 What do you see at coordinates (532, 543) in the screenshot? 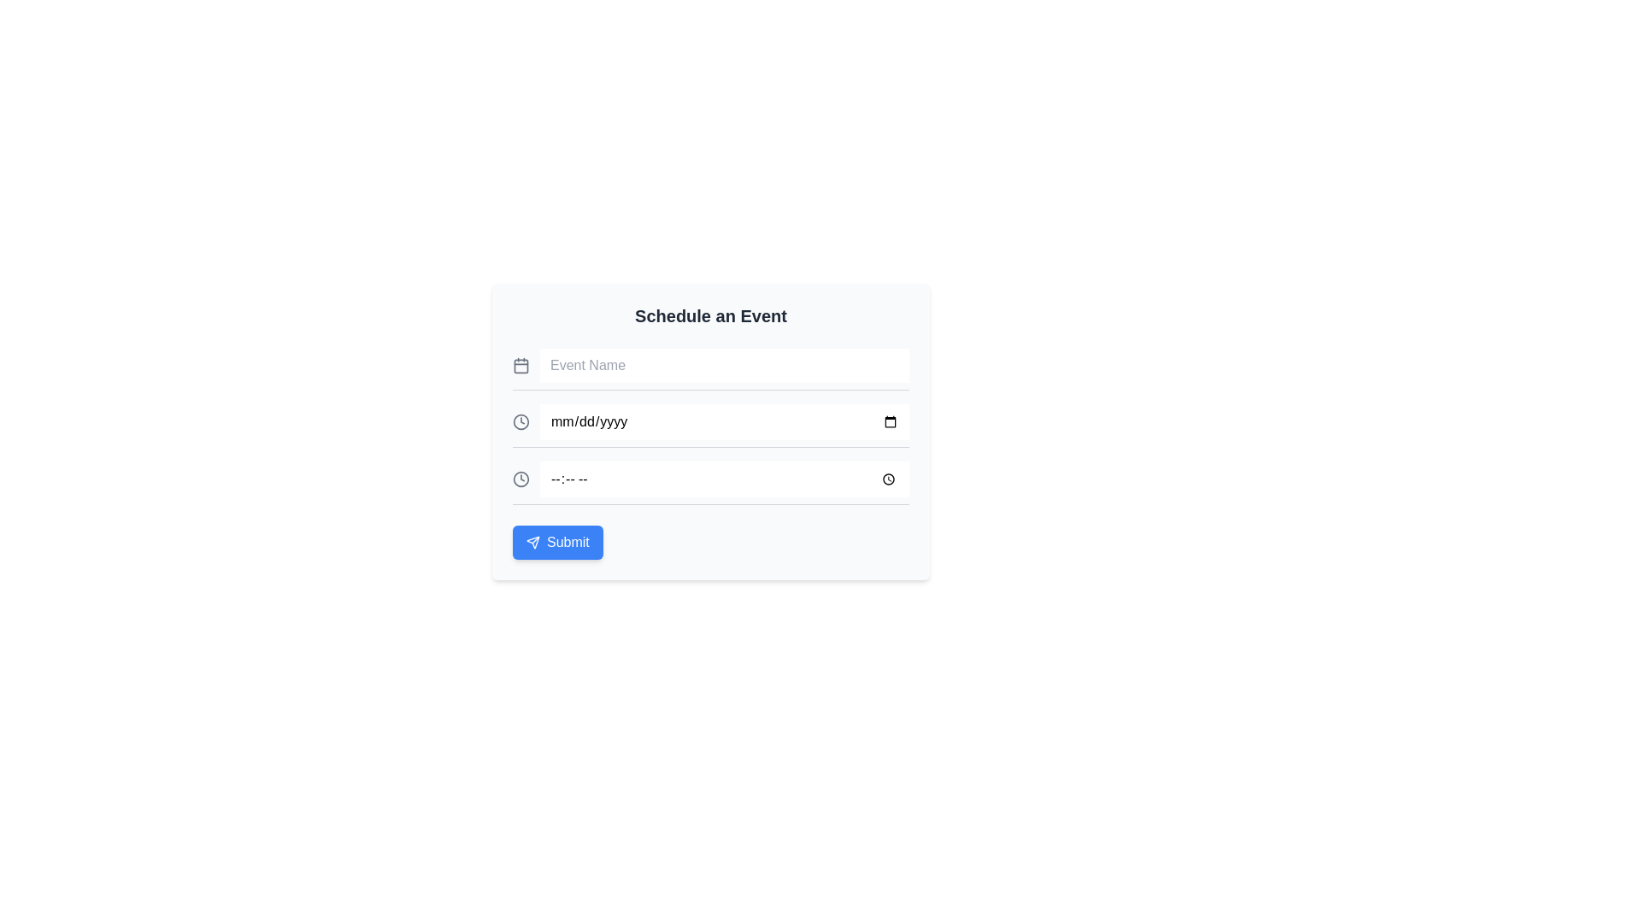
I see `the 'Submit' button which contains a small triangular icon resembling a paper plane, located at the bottom of the form` at bounding box center [532, 543].